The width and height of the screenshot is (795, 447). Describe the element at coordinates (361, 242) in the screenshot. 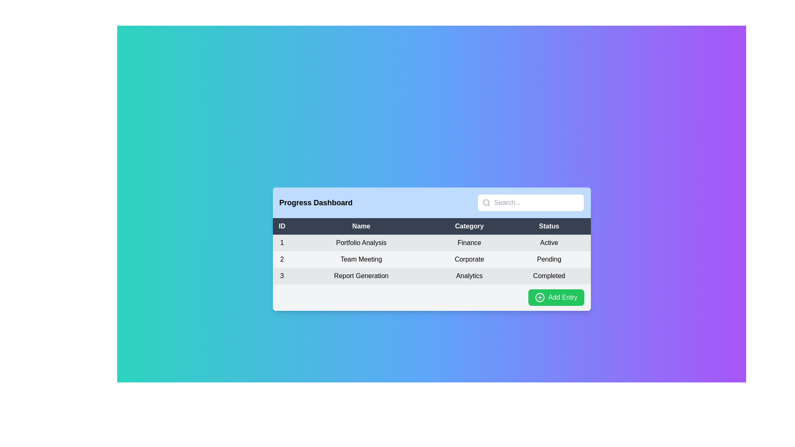

I see `the text label that reads 'Portfolio Analysis' in the second column of the first row of the table` at that location.